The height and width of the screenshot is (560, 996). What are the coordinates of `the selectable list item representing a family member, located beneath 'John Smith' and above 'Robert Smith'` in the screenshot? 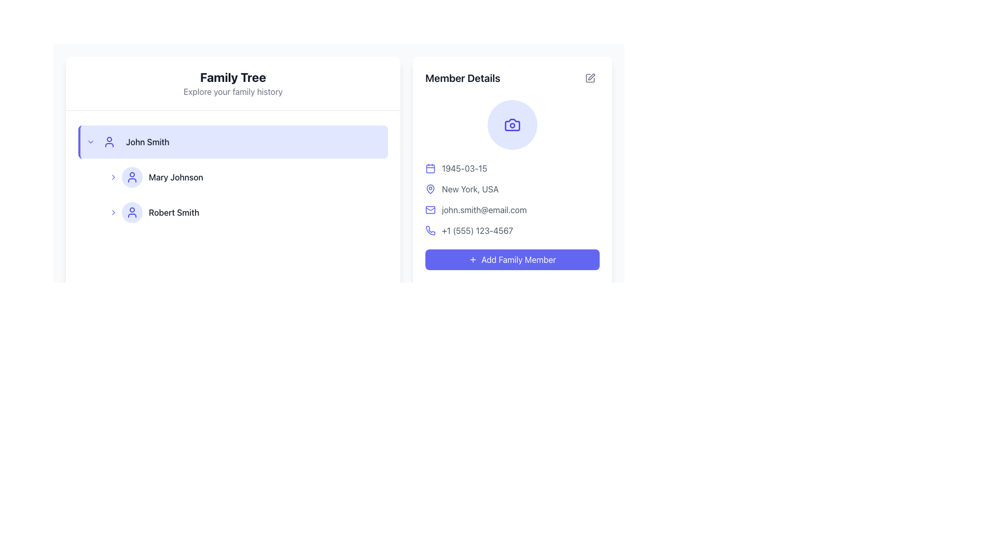 It's located at (232, 177).